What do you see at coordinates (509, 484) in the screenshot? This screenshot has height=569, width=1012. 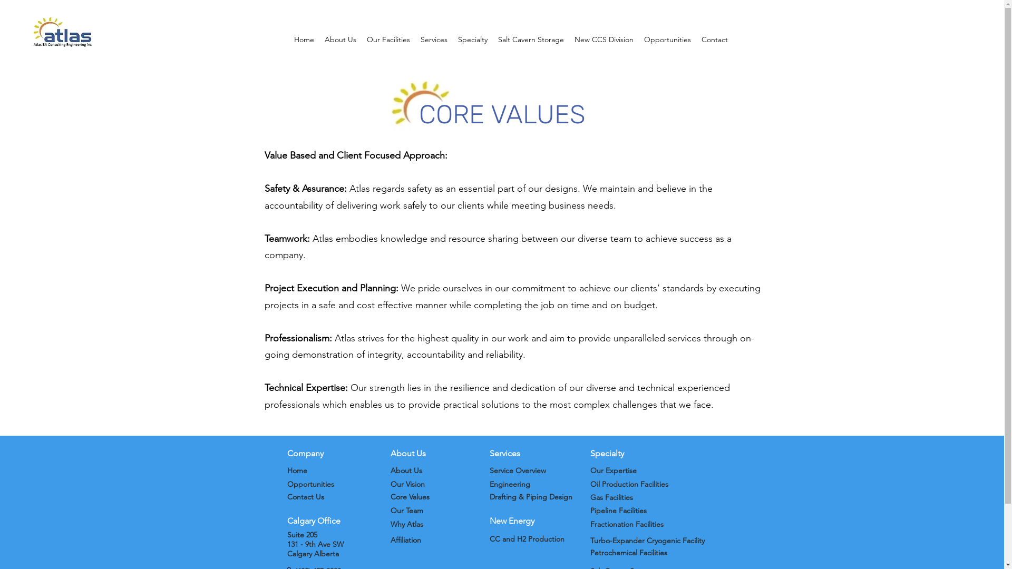 I see `'Engineering'` at bounding box center [509, 484].